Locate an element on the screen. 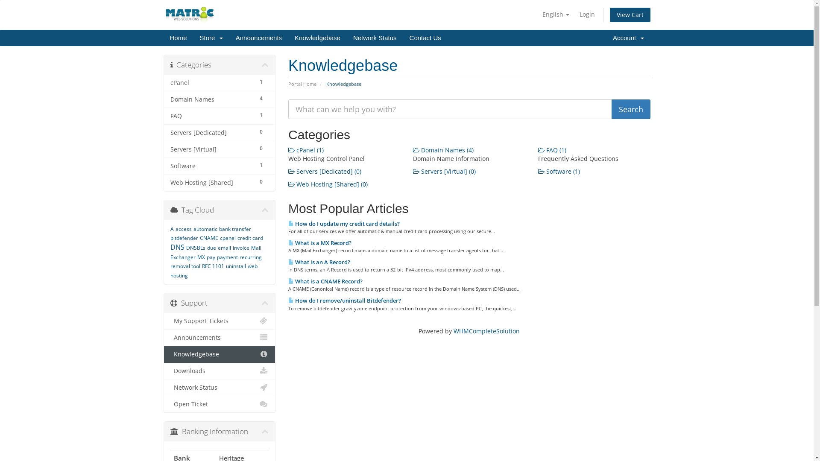 This screenshot has height=461, width=820. 'English' is located at coordinates (537, 15).